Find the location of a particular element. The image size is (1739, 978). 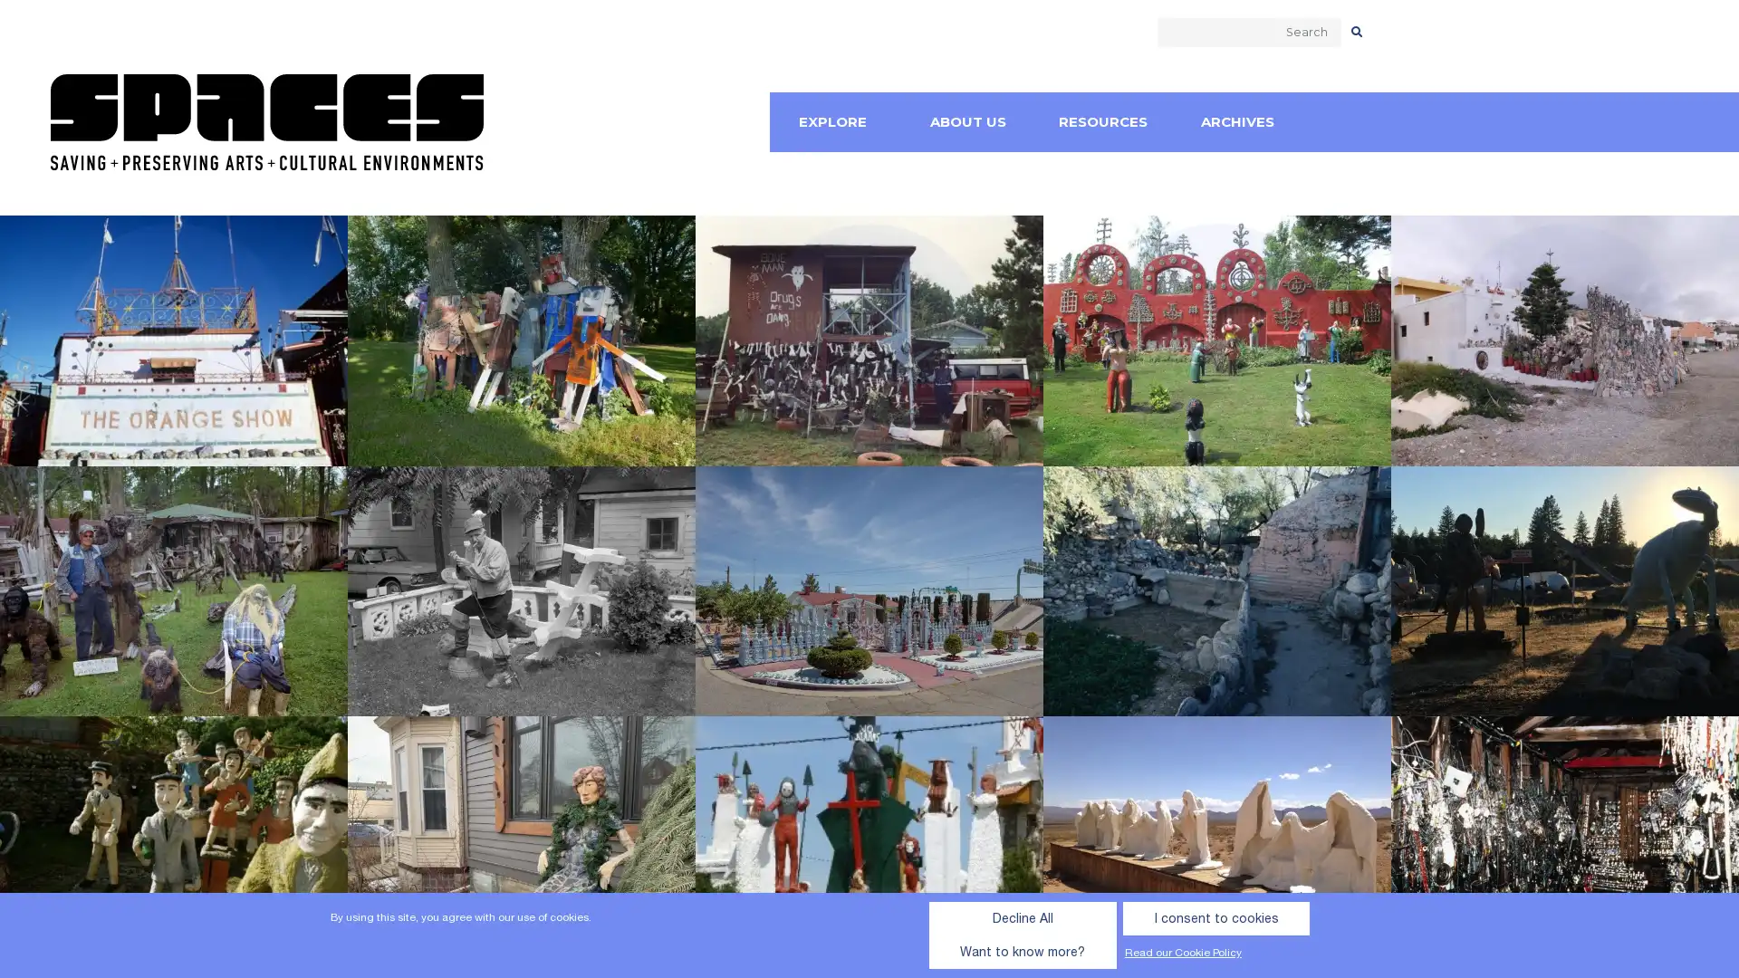

I consent to cookies is located at coordinates (1039, 951).